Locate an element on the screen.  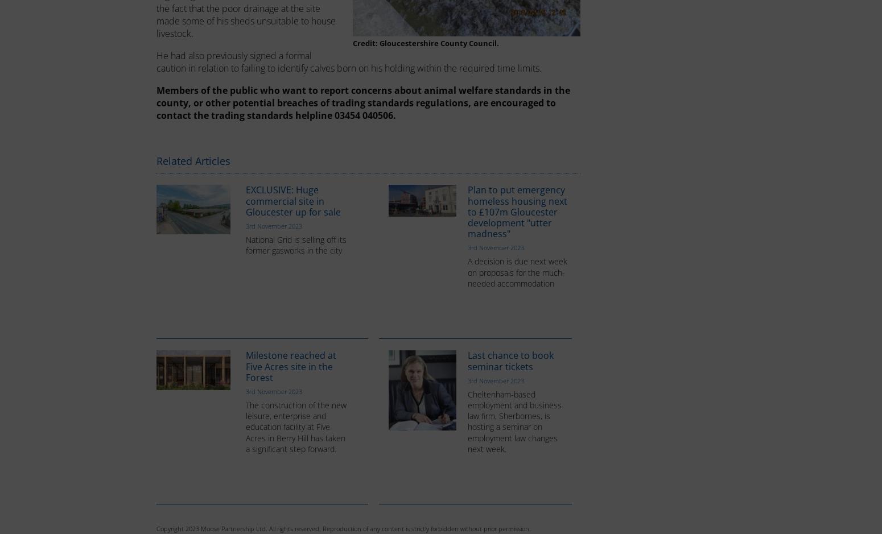
'Members of the public who want to report concerns about animal welfare standards in the county, or other potential breaches of trading standards regulations, are encouraged to contact the trading standards helpline 03454 040506.' is located at coordinates (362, 102).